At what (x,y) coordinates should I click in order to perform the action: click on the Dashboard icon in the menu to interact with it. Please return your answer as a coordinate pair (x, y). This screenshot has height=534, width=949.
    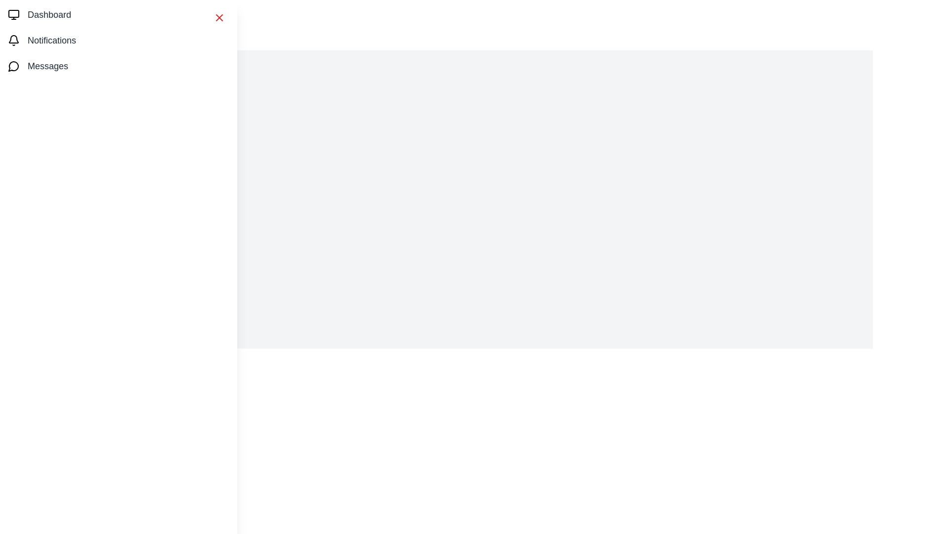
    Looking at the image, I should click on (14, 15).